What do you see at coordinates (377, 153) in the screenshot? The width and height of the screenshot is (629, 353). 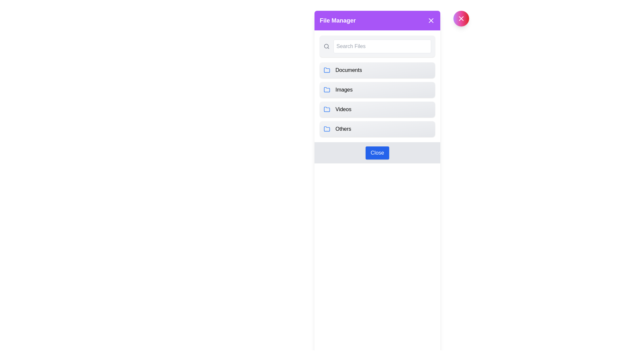 I see `the close button at the bottom section of the file manager to observe the hover effect` at bounding box center [377, 153].